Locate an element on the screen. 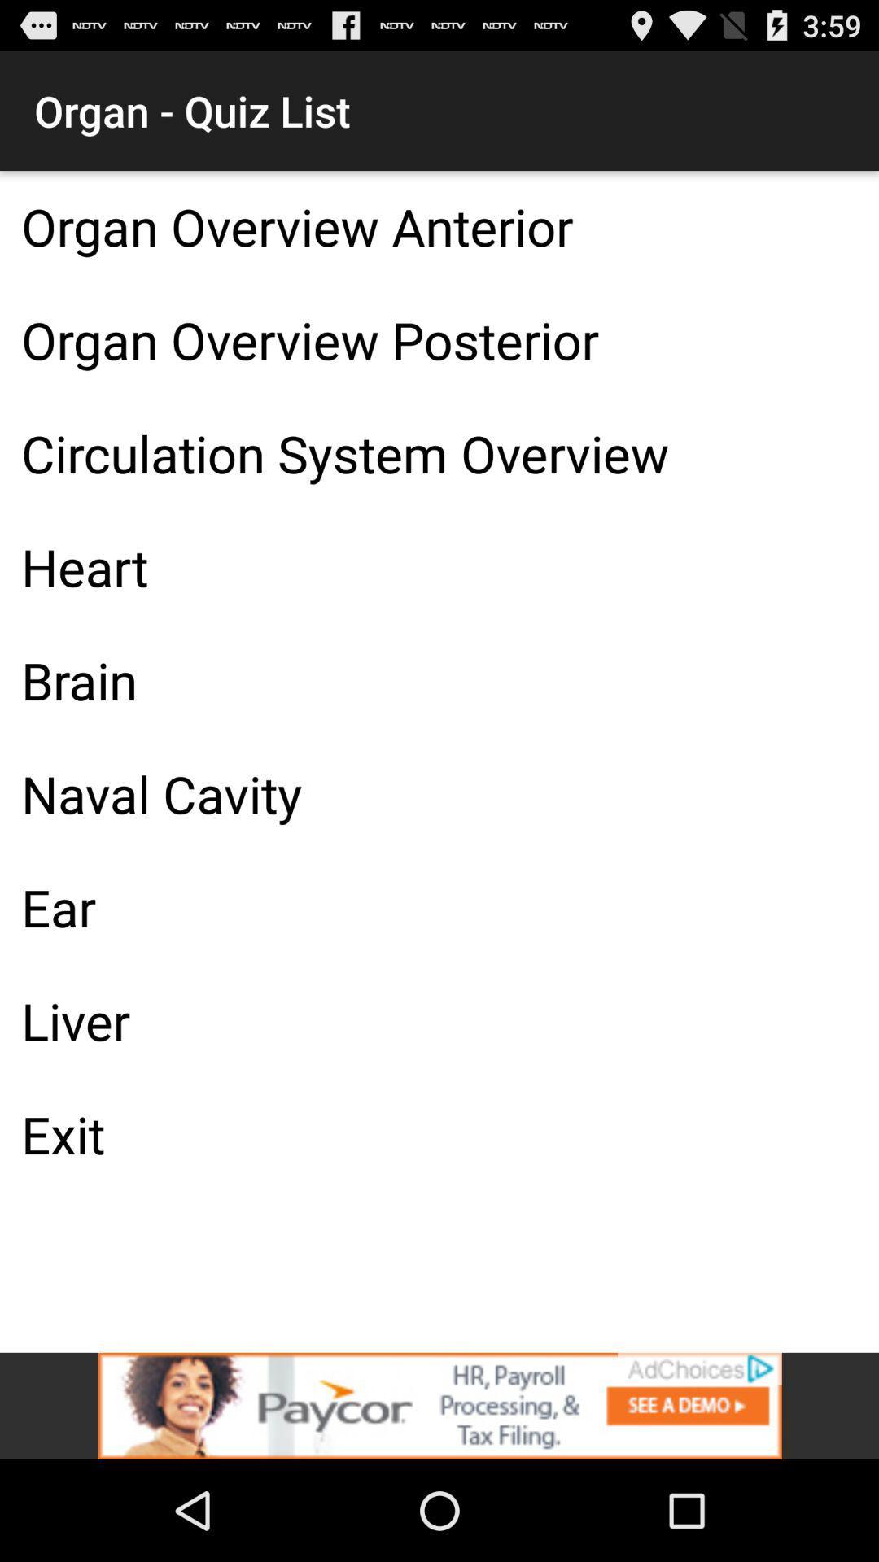 Image resolution: width=879 pixels, height=1562 pixels. the add is located at coordinates (439, 1405).